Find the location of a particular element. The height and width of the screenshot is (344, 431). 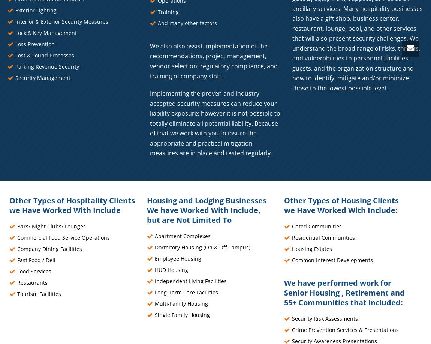

'Security Risk Assessments' is located at coordinates (325, 318).